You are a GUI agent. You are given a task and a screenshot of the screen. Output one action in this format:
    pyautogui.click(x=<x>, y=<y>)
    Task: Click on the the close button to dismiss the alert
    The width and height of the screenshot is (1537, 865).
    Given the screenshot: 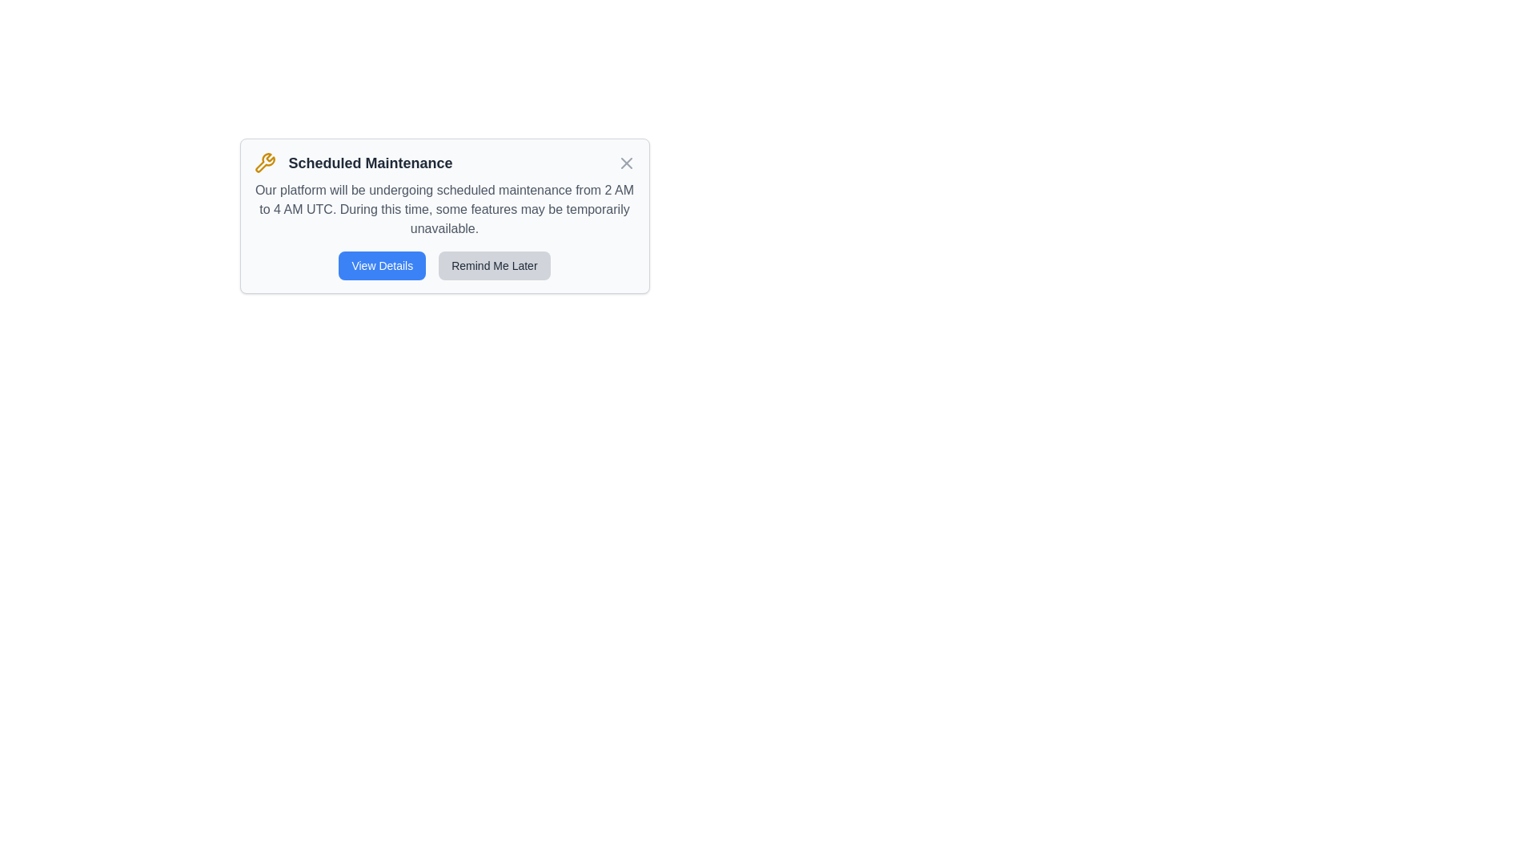 What is the action you would take?
    pyautogui.click(x=625, y=163)
    